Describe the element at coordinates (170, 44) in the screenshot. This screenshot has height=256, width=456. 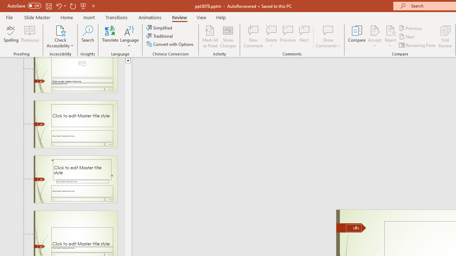
I see `'Convert with Options...'` at that location.